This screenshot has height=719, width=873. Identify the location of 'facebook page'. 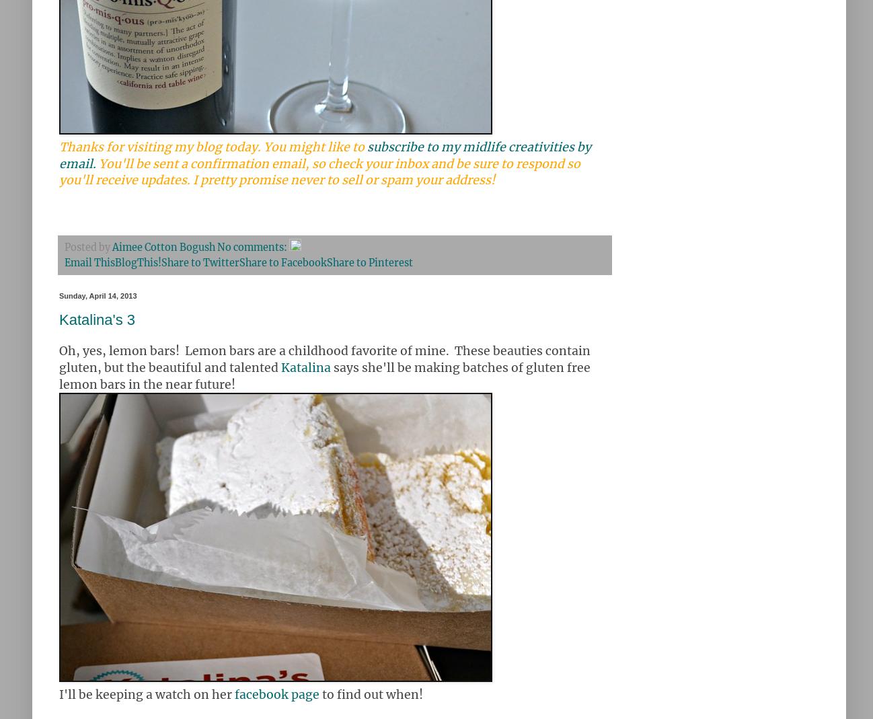
(276, 694).